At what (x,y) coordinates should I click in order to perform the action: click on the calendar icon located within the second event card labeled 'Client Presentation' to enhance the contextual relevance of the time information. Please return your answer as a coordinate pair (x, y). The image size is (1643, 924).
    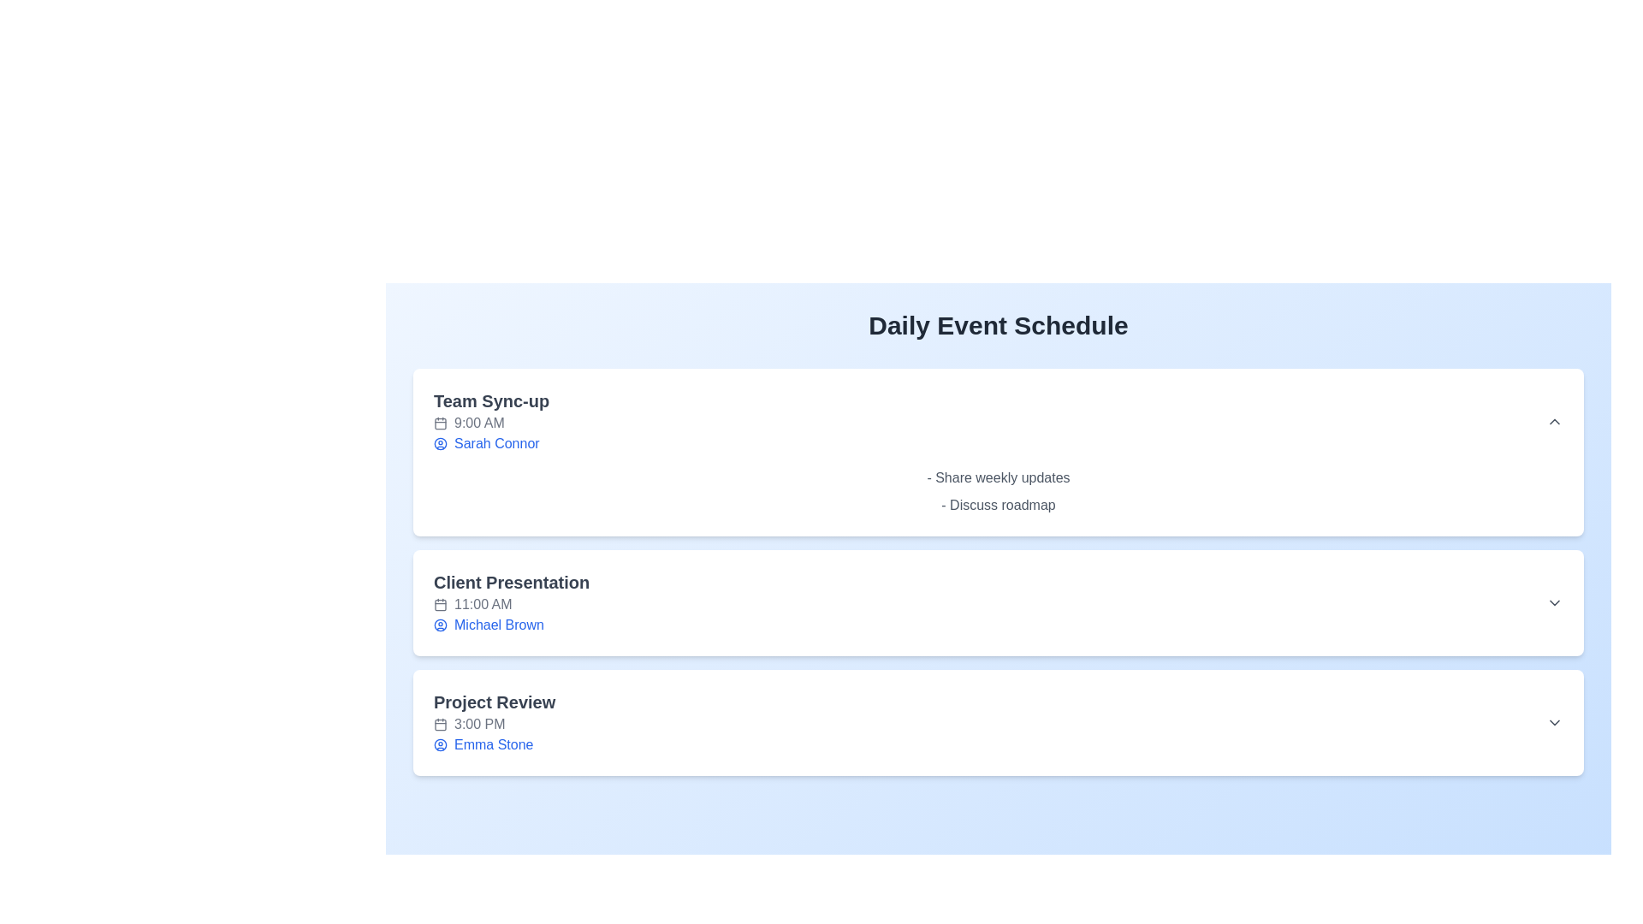
    Looking at the image, I should click on (440, 603).